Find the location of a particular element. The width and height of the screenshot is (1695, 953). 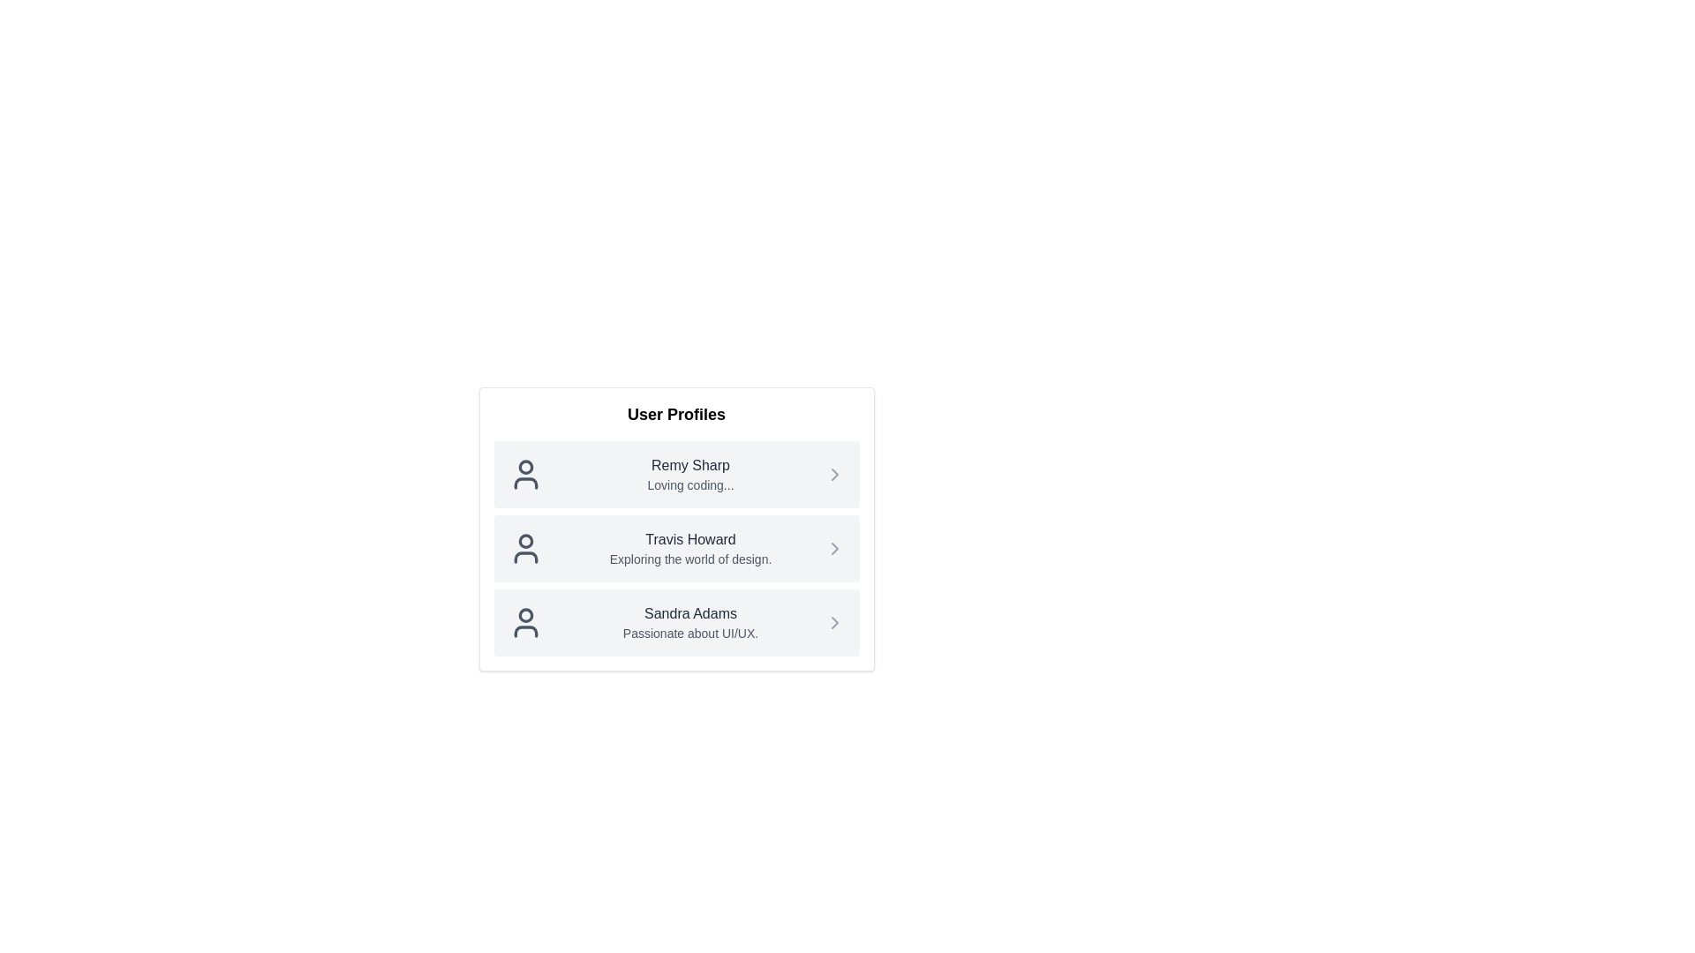

the user avatar icon, which is a gray profile silhouette located on the left side of the third row under the 'User Profiles' section, adjacent to 'Sandra Adams' is located at coordinates (524, 621).